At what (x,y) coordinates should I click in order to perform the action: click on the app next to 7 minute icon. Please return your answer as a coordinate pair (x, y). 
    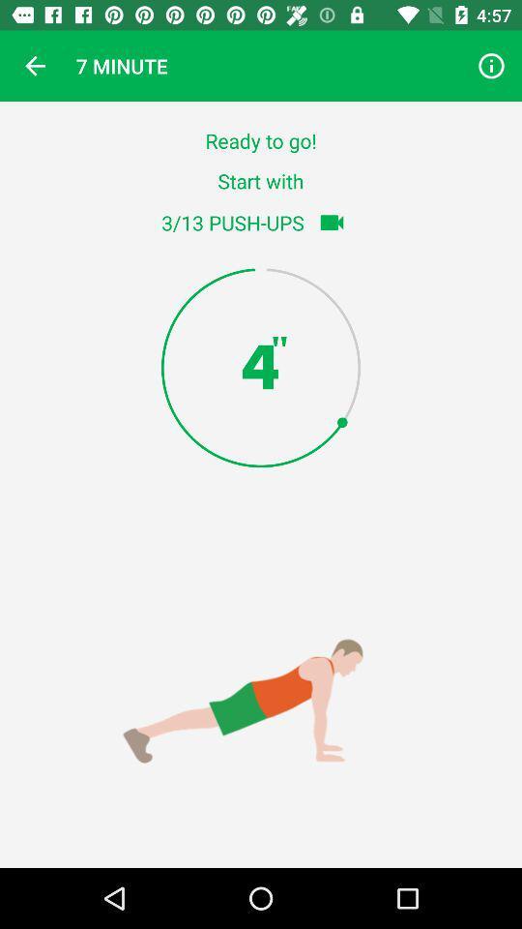
    Looking at the image, I should click on (35, 66).